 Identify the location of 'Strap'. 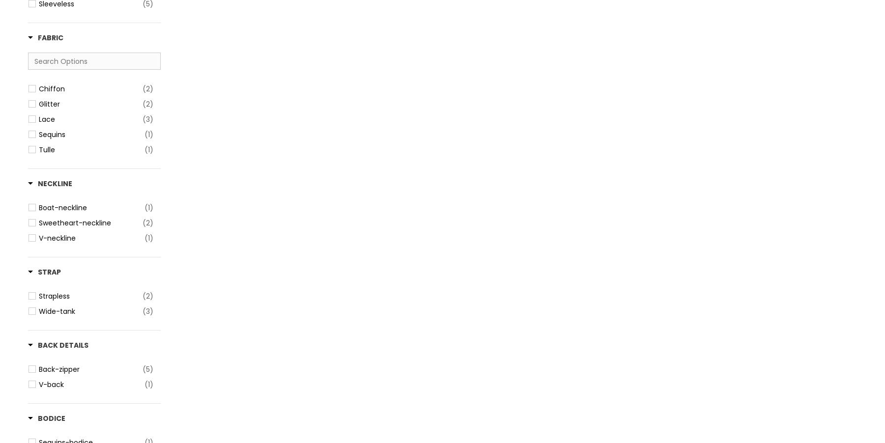
(49, 272).